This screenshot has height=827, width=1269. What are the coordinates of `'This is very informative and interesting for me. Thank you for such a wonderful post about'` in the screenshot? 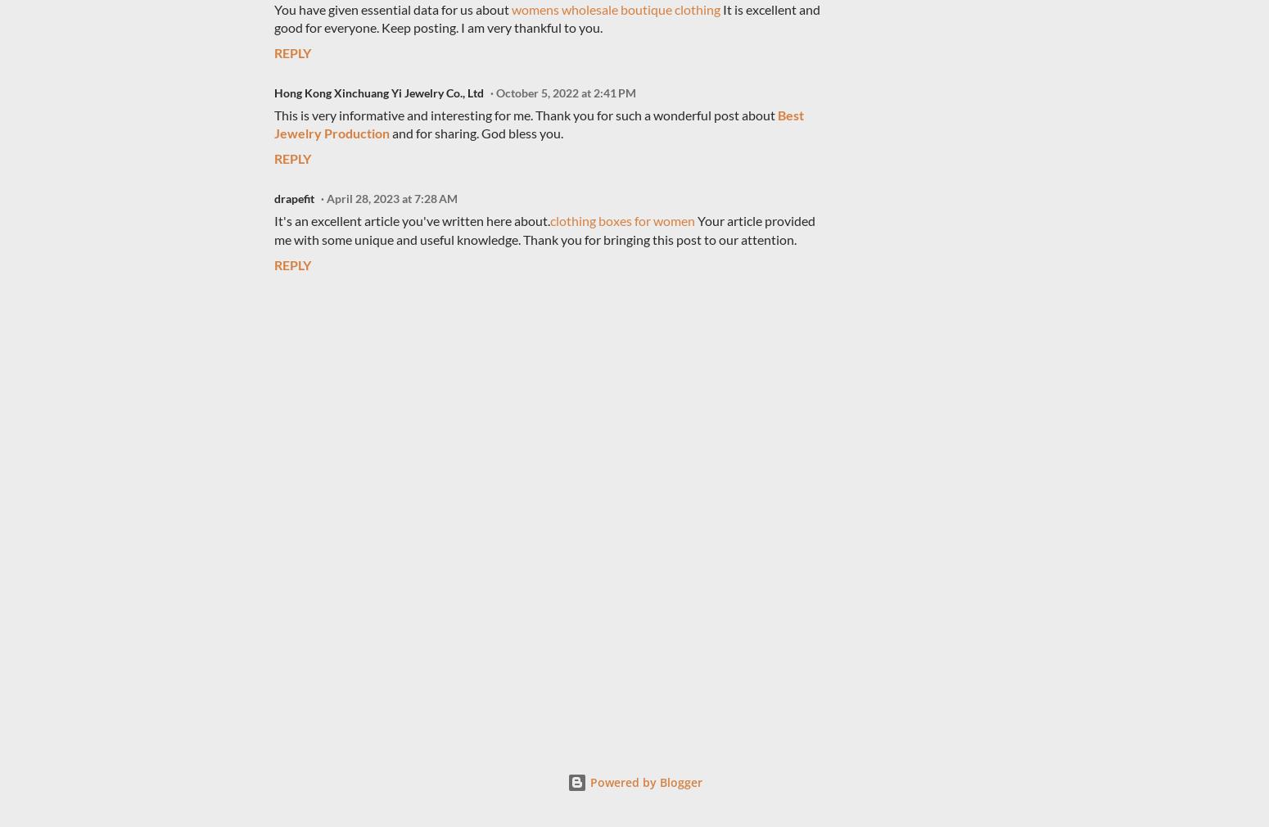 It's located at (525, 114).